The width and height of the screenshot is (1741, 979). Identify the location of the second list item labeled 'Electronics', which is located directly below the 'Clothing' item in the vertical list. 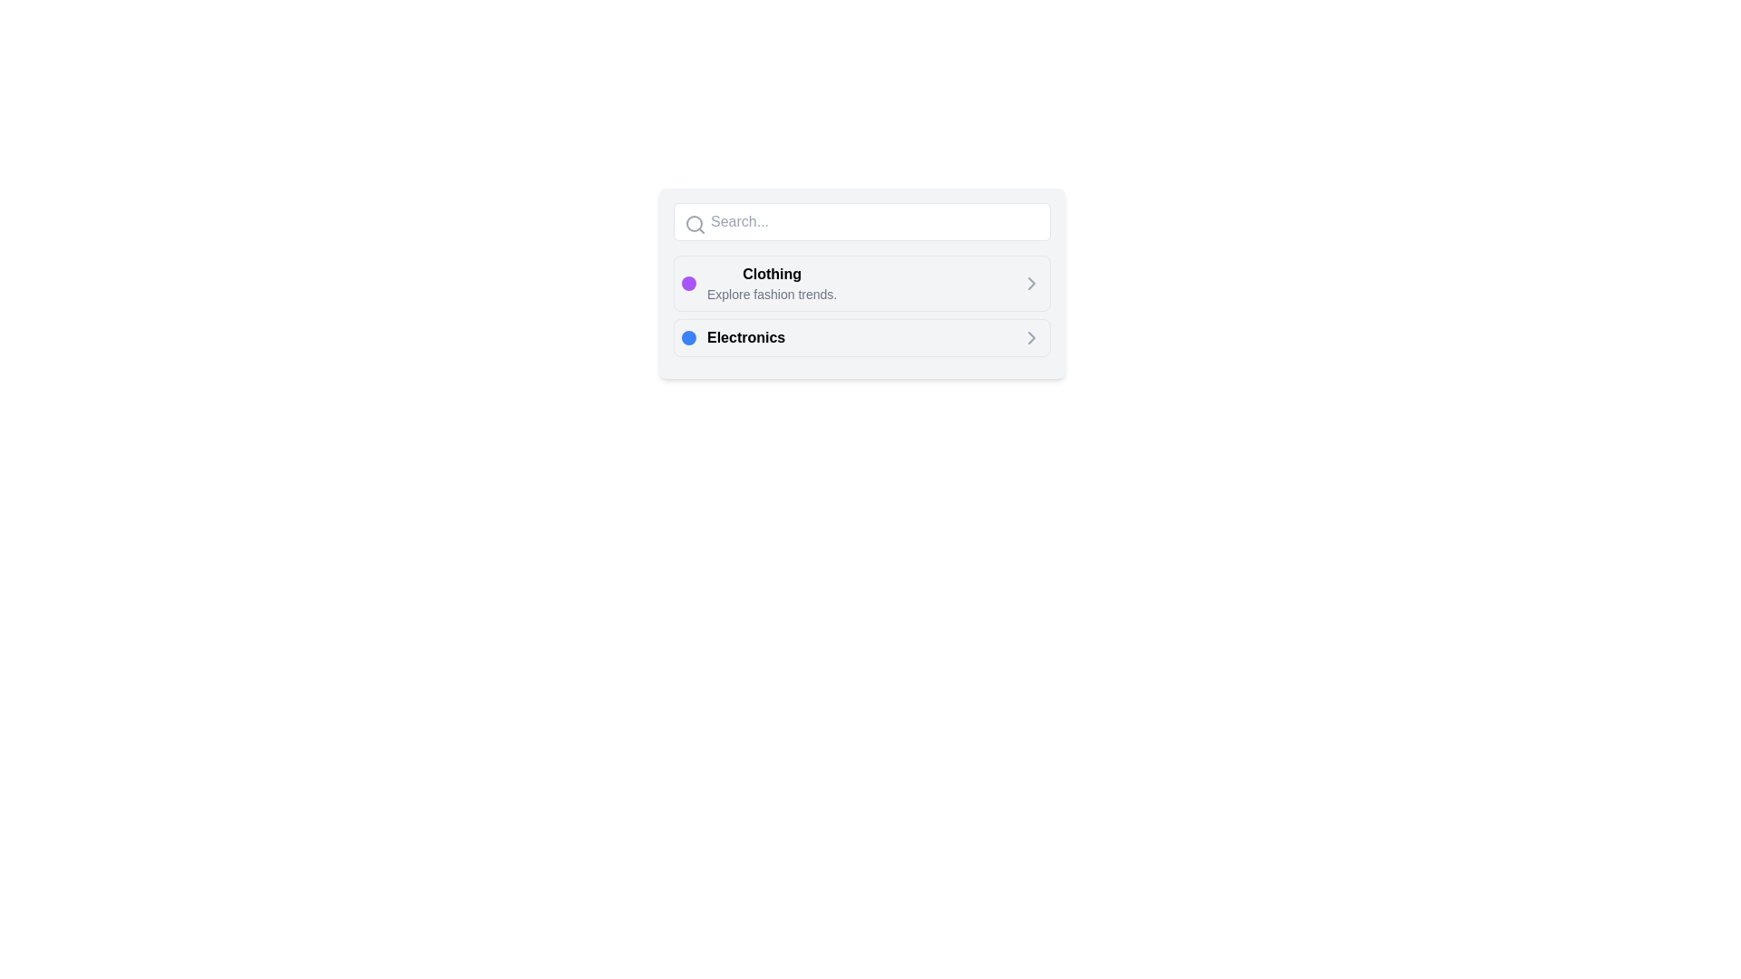
(734, 338).